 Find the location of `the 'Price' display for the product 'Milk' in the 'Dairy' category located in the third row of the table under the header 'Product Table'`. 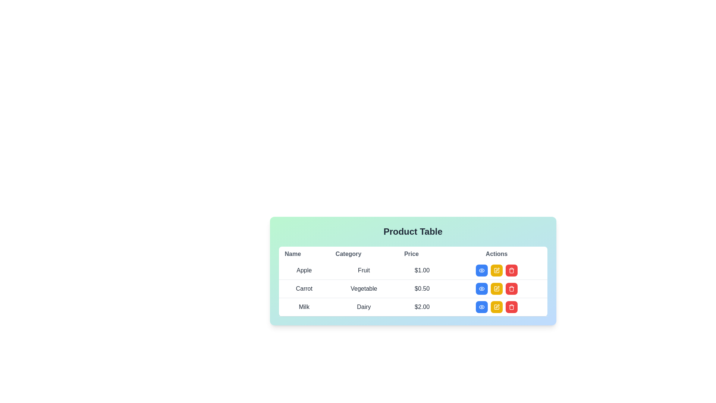

the 'Price' display for the product 'Milk' in the 'Dairy' category located in the third row of the table under the header 'Product Table' is located at coordinates (422, 307).